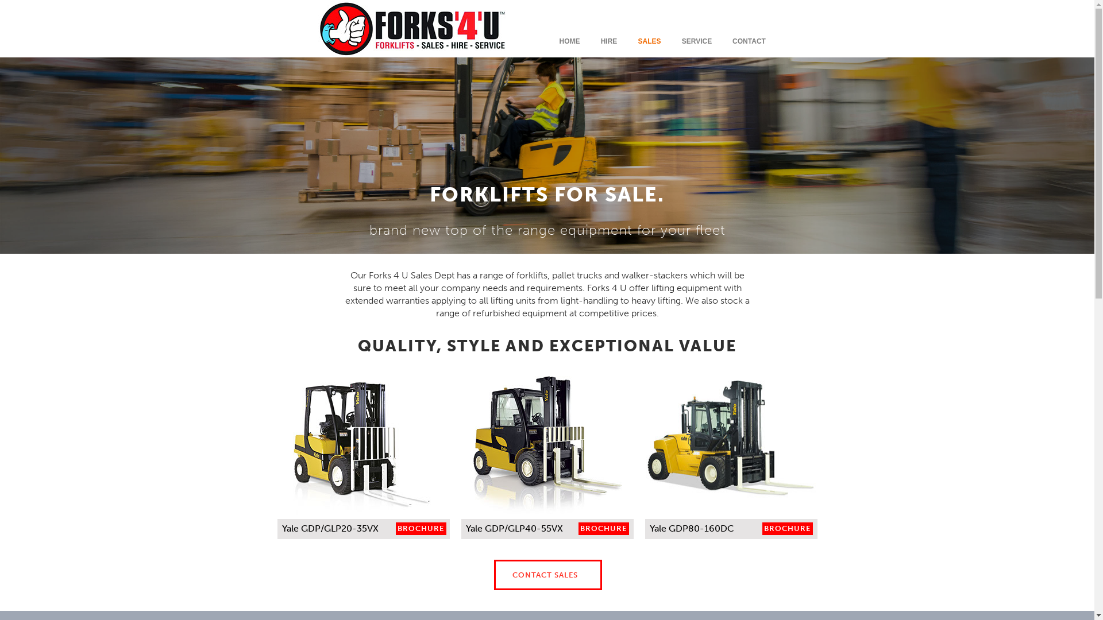 This screenshot has height=620, width=1103. Describe the element at coordinates (747, 41) in the screenshot. I see `'CONTACT'` at that location.